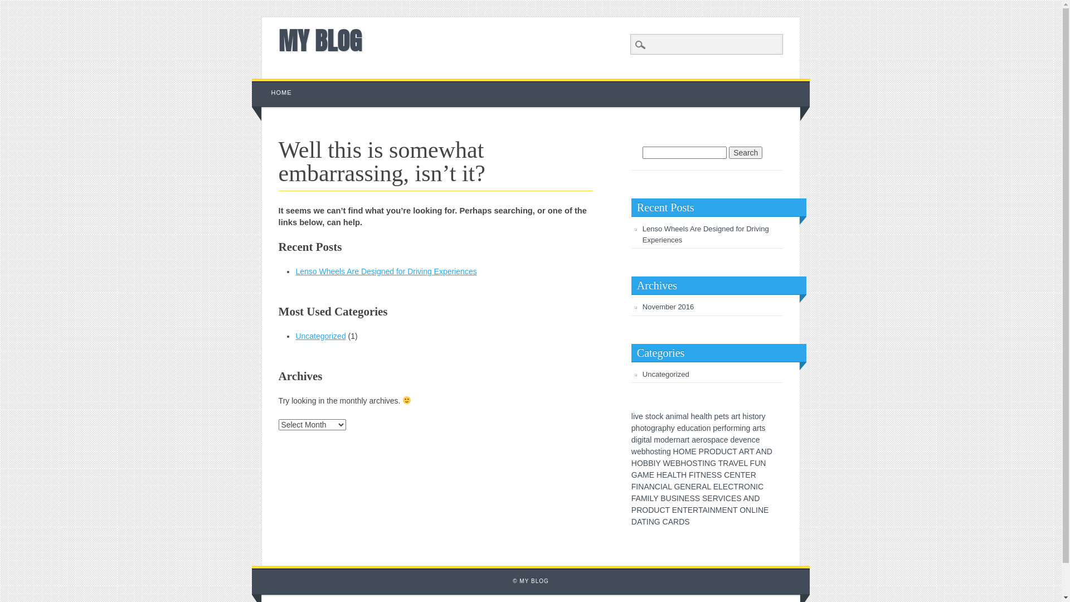 The height and width of the screenshot is (602, 1070). Describe the element at coordinates (644, 498) in the screenshot. I see `'M'` at that location.